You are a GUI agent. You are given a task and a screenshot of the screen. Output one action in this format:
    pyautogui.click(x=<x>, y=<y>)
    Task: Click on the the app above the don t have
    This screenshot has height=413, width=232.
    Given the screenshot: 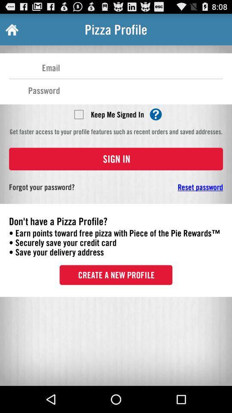 What is the action you would take?
    pyautogui.click(x=174, y=187)
    